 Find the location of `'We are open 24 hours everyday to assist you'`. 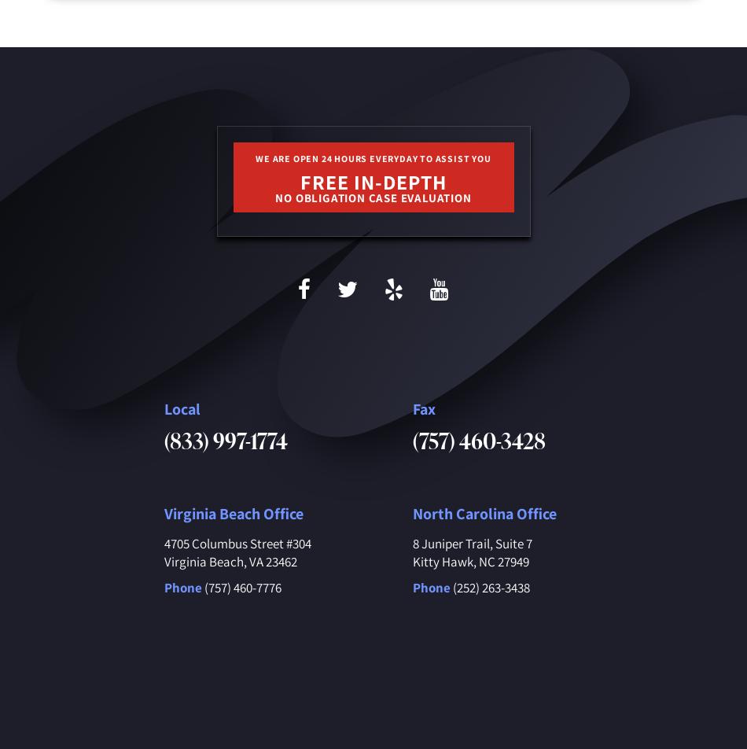

'We are open 24 hours everyday to assist you' is located at coordinates (372, 158).